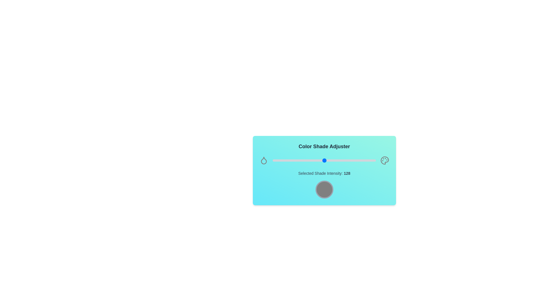  What do you see at coordinates (282, 161) in the screenshot?
I see `the shade intensity to 24 by interacting with the slider` at bounding box center [282, 161].